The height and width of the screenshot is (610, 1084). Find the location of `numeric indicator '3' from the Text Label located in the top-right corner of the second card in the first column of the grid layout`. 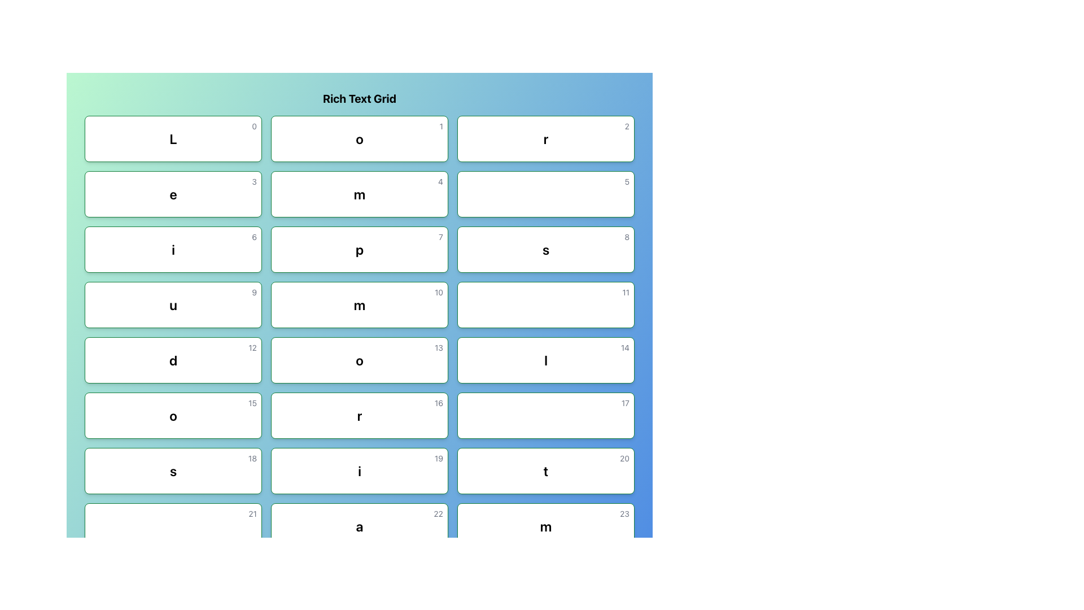

numeric indicator '3' from the Text Label located in the top-right corner of the second card in the first column of the grid layout is located at coordinates (253, 181).